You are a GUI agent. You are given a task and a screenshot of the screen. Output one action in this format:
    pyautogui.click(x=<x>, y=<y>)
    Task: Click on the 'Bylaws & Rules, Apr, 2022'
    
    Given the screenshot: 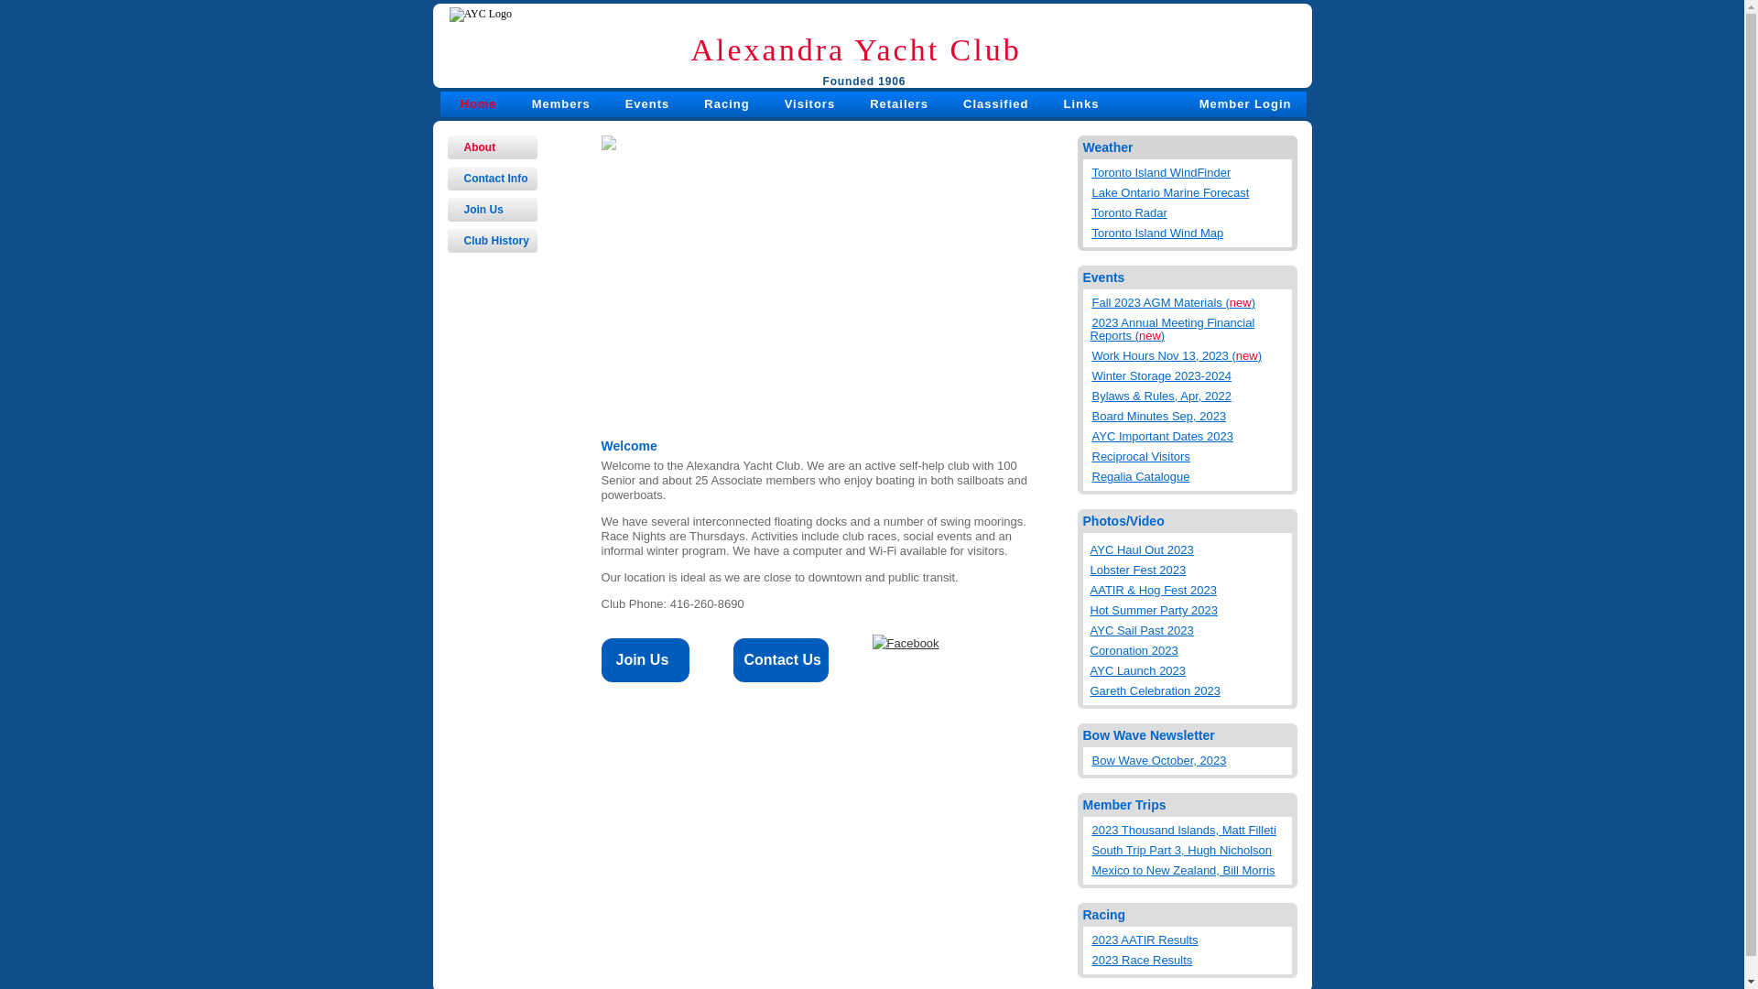 What is the action you would take?
    pyautogui.click(x=1190, y=391)
    